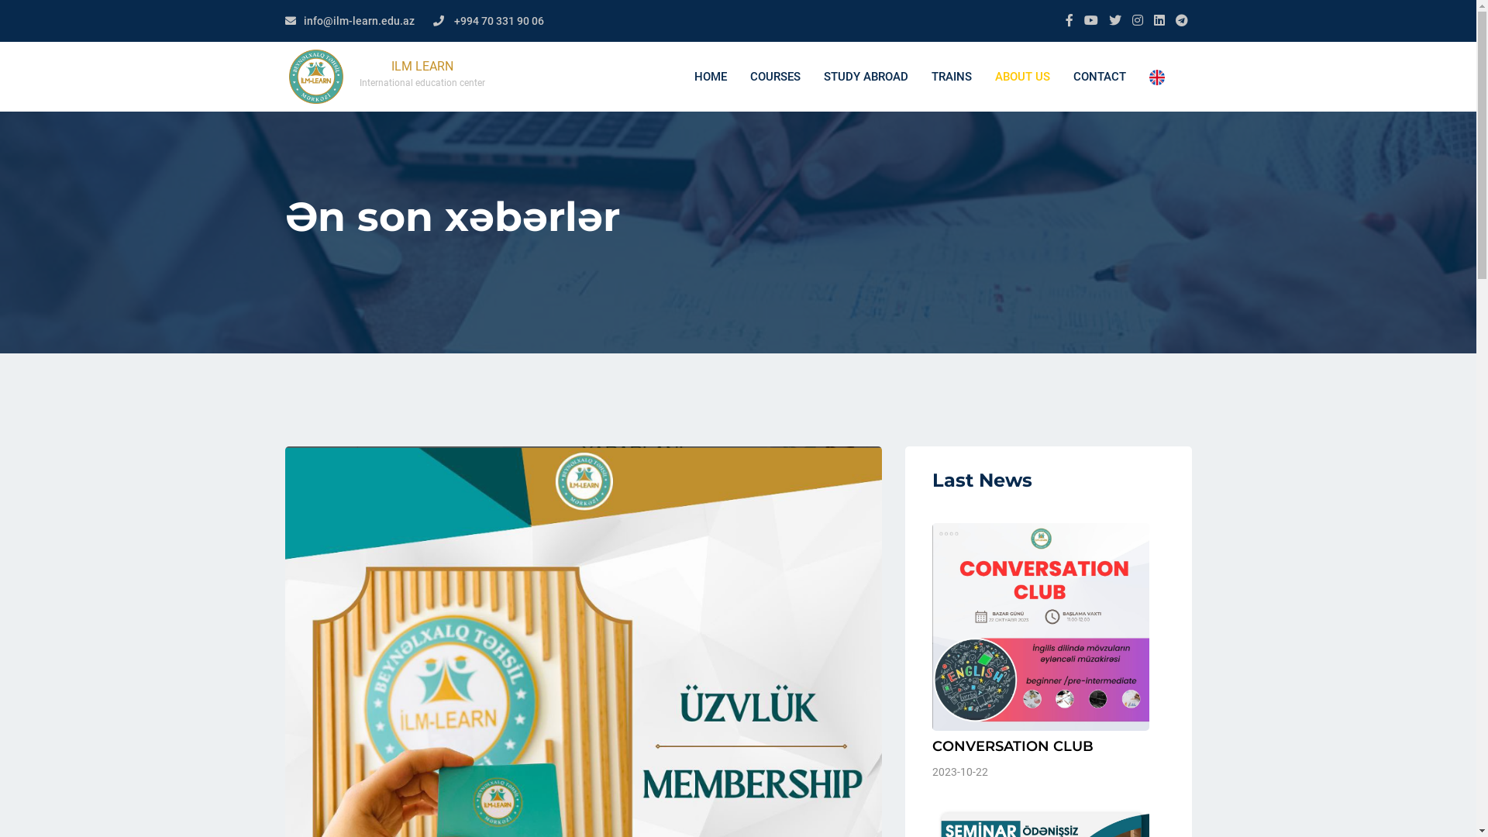  Describe the element at coordinates (1048, 652) in the screenshot. I see `'CONVERSATION CLUB` at that location.